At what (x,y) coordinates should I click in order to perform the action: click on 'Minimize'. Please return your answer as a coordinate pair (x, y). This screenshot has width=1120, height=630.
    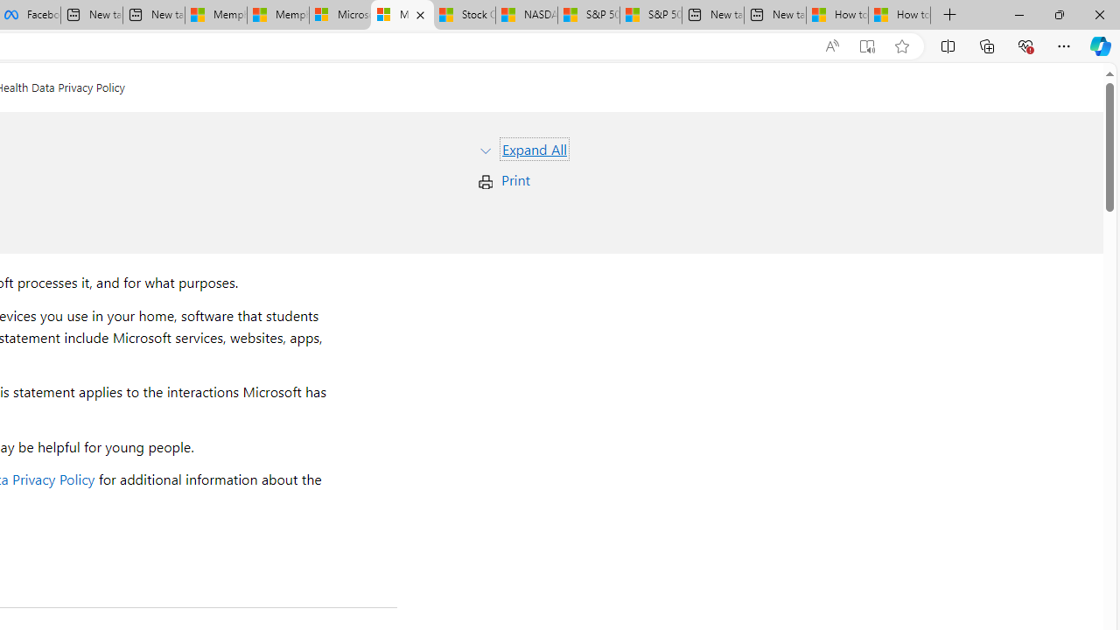
    Looking at the image, I should click on (1018, 14).